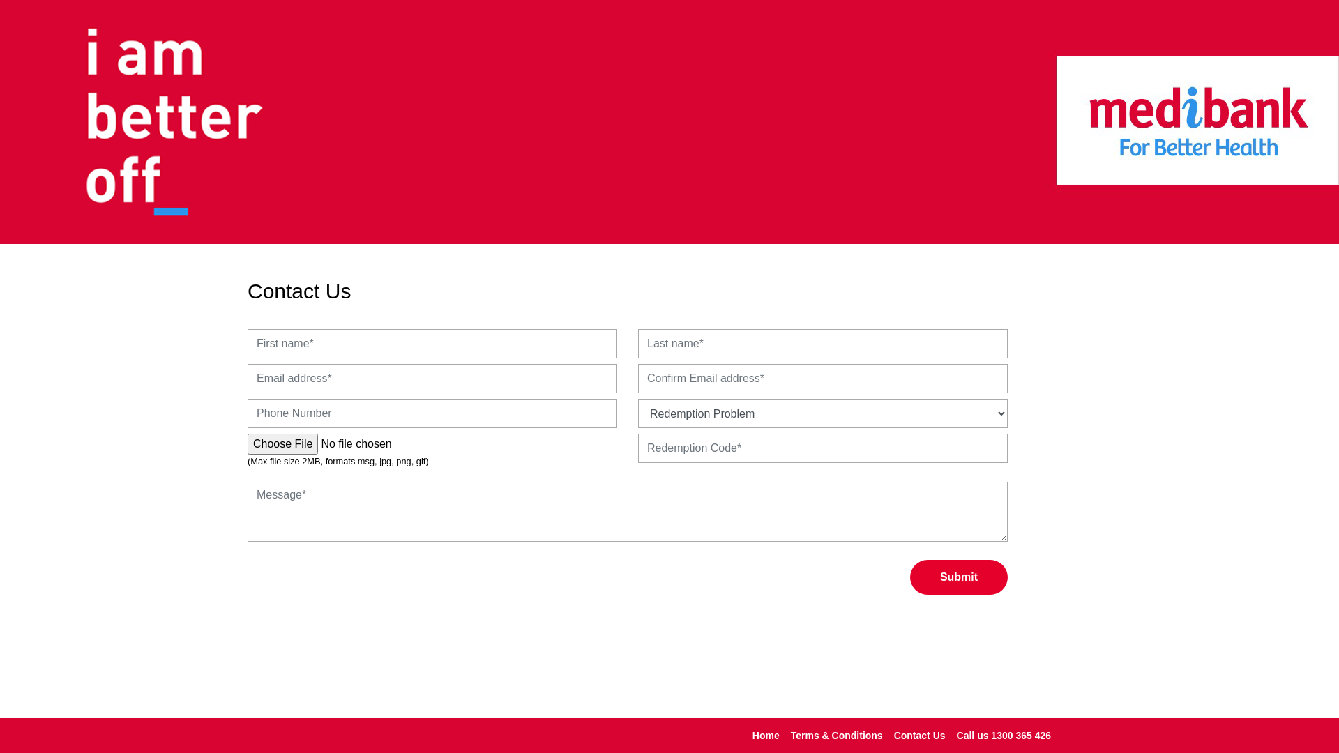  I want to click on 'Contact Us', so click(920, 734).